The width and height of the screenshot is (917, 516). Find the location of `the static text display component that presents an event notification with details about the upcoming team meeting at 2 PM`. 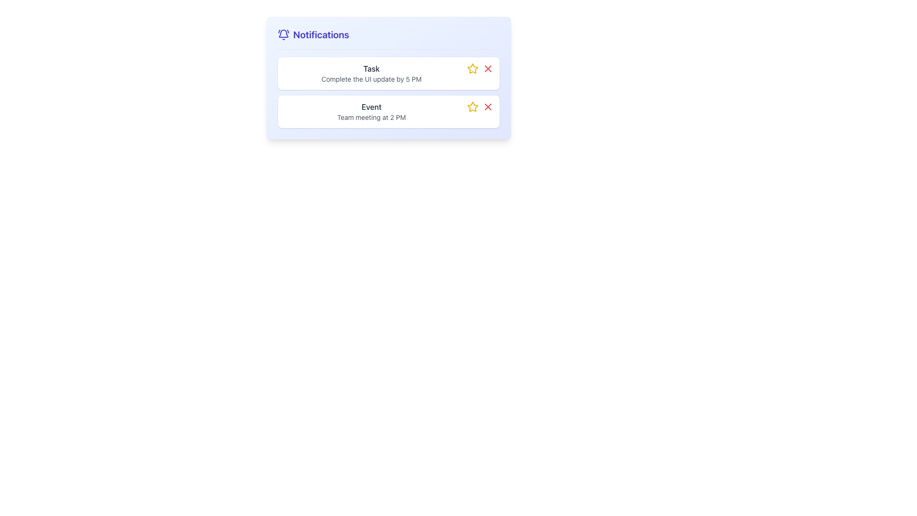

the static text display component that presents an event notification with details about the upcoming team meeting at 2 PM is located at coordinates (371, 111).